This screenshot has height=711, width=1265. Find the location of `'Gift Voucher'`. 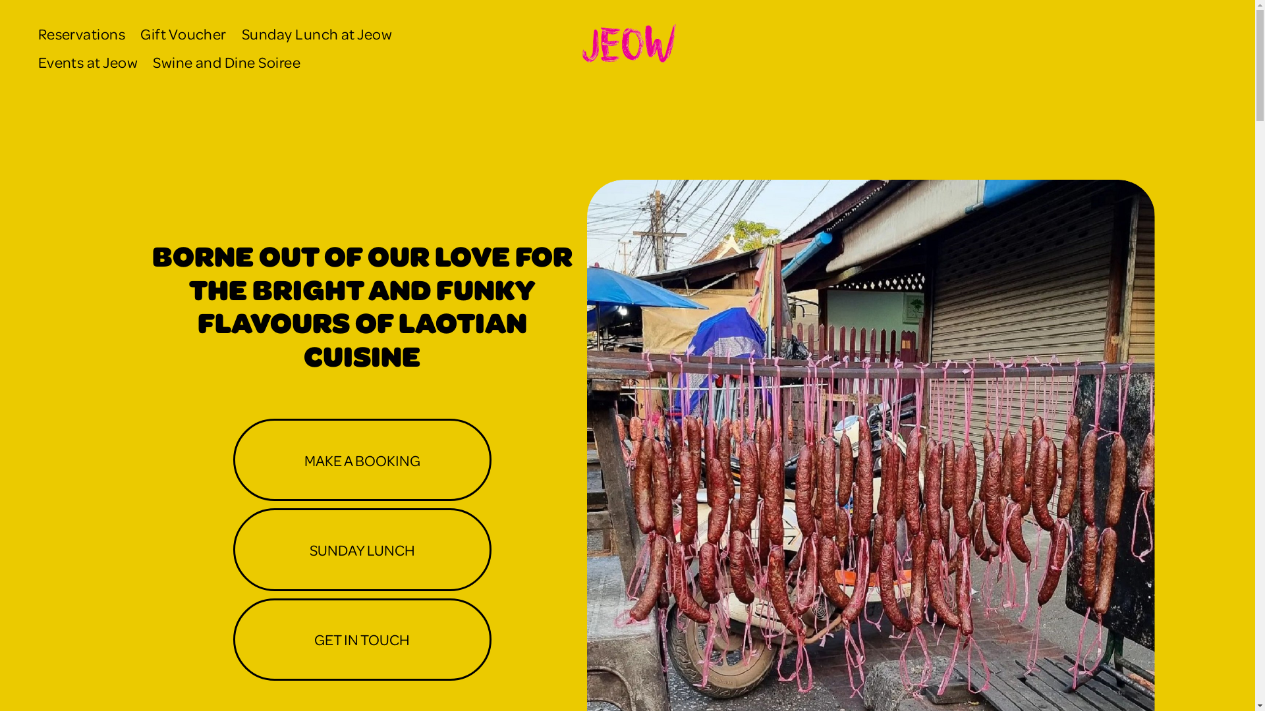

'Gift Voucher' is located at coordinates (183, 33).